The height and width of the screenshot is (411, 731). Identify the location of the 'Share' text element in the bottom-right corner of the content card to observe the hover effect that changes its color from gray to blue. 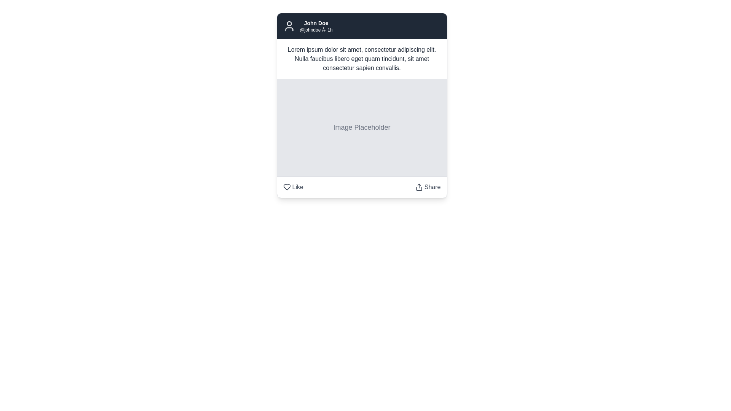
(433, 187).